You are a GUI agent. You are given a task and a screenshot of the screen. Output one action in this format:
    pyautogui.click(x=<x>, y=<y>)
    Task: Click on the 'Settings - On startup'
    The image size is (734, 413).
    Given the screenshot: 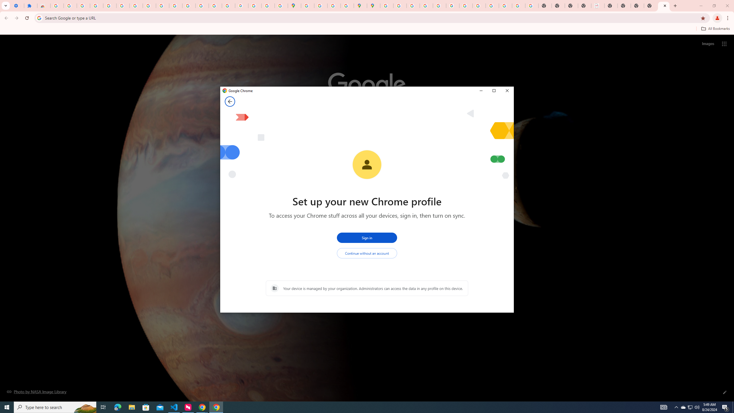 What is the action you would take?
    pyautogui.click(x=17, y=5)
    